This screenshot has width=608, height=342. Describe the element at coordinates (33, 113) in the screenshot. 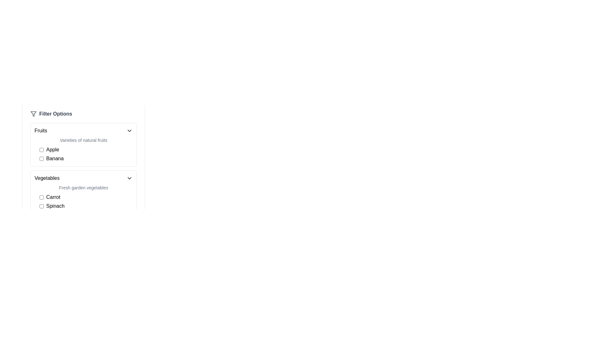

I see `the filtering indicator icon located immediately to the left of the 'Filter Options' text at the top of the filter's interface` at that location.